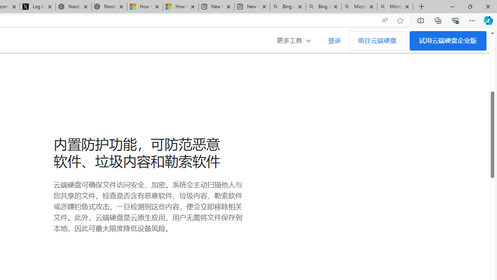  Describe the element at coordinates (37, 7) in the screenshot. I see `'Log in to X / X'` at that location.